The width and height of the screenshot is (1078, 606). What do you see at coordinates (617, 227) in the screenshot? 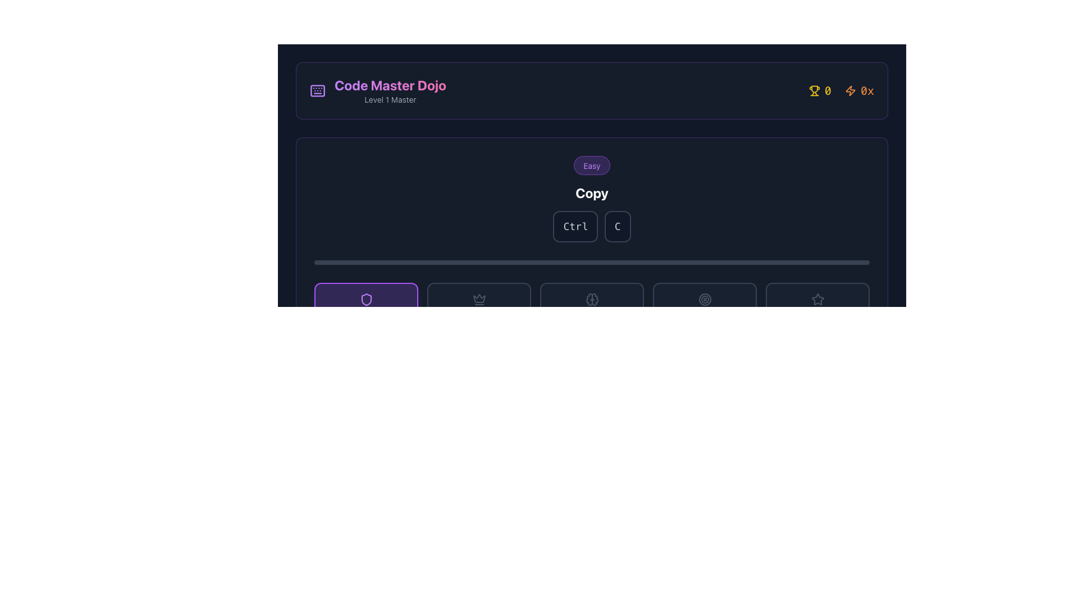
I see `the rounded rectangle button labeled 'C' with light gray text` at bounding box center [617, 227].